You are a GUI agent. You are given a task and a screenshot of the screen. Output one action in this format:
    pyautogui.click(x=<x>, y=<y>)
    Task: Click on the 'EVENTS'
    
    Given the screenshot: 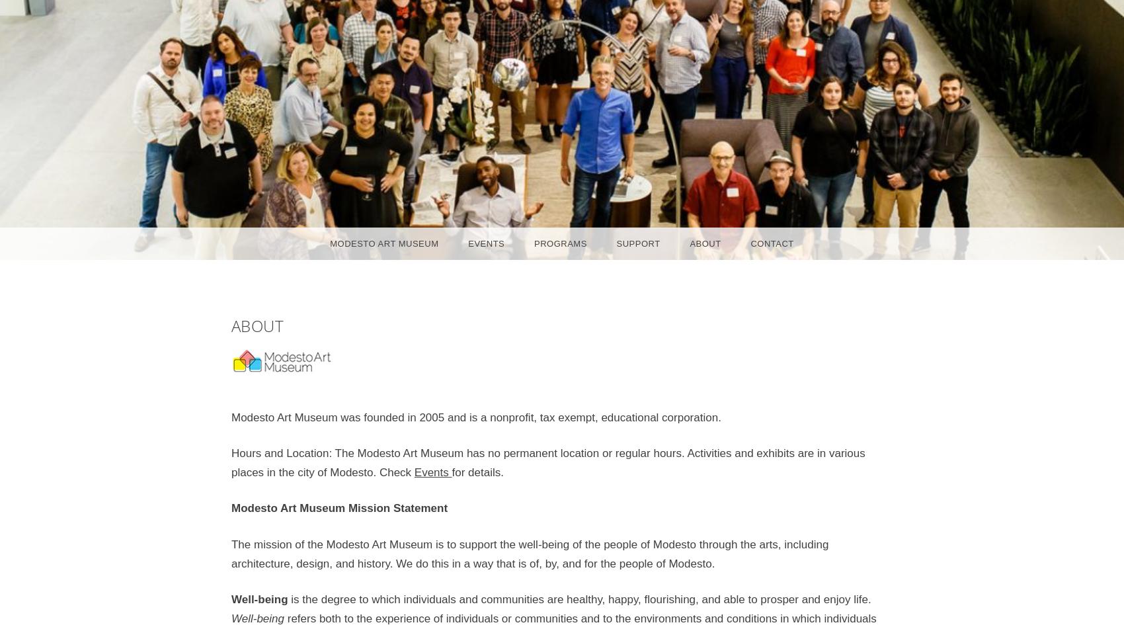 What is the action you would take?
    pyautogui.click(x=486, y=243)
    